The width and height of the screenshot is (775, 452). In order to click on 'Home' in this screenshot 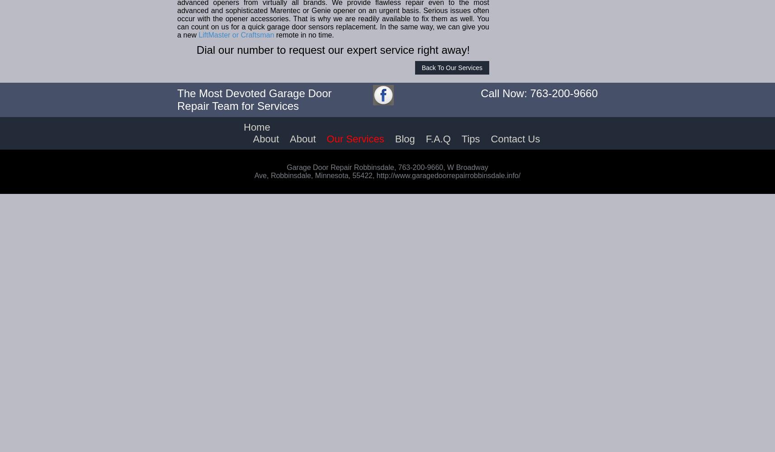, I will do `click(257, 127)`.